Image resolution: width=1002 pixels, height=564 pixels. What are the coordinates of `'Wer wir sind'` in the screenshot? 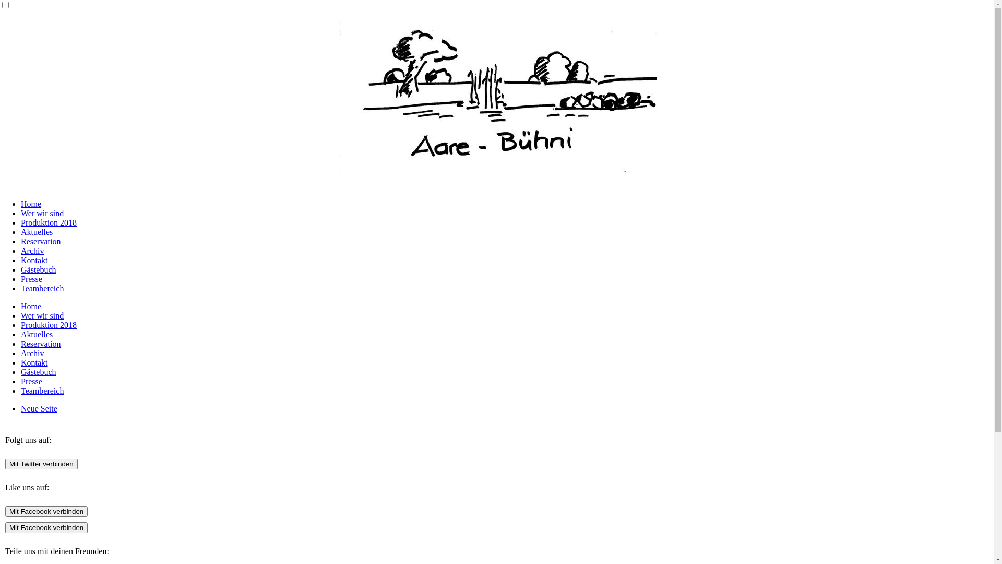 It's located at (42, 213).